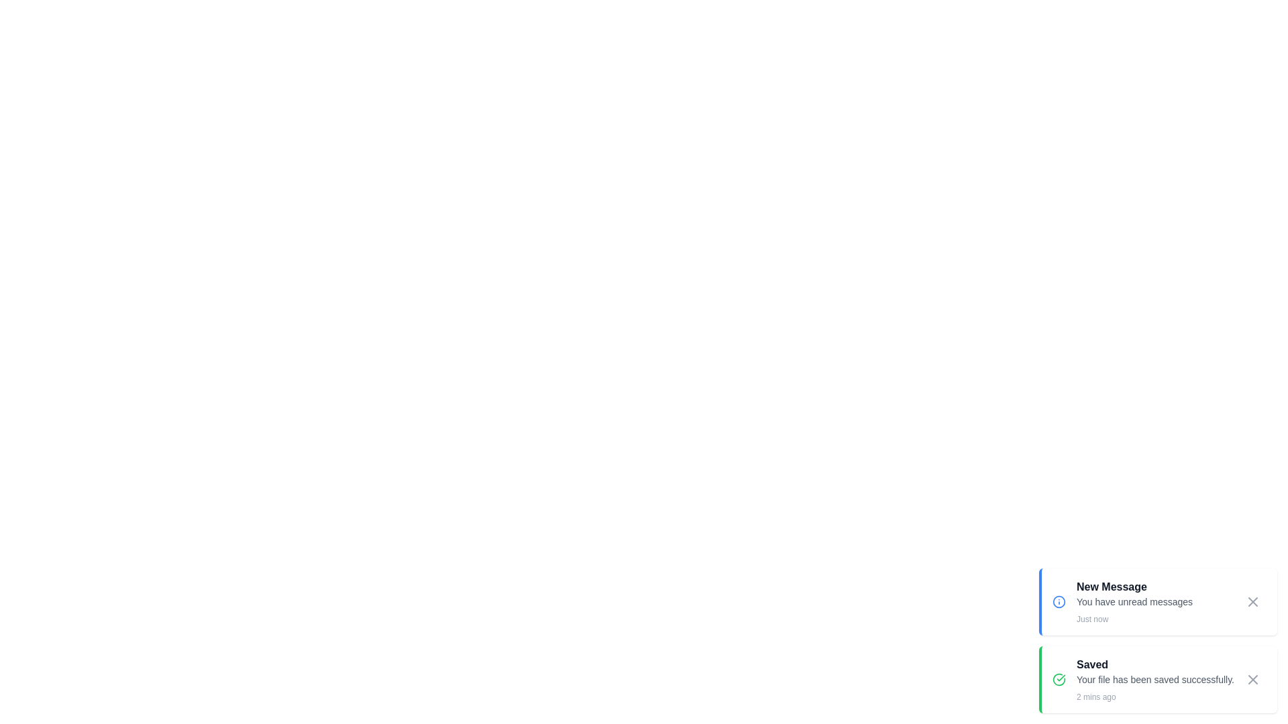 The height and width of the screenshot is (724, 1288). I want to click on 'X' button on the snackbar to dismiss it, so click(1252, 601).